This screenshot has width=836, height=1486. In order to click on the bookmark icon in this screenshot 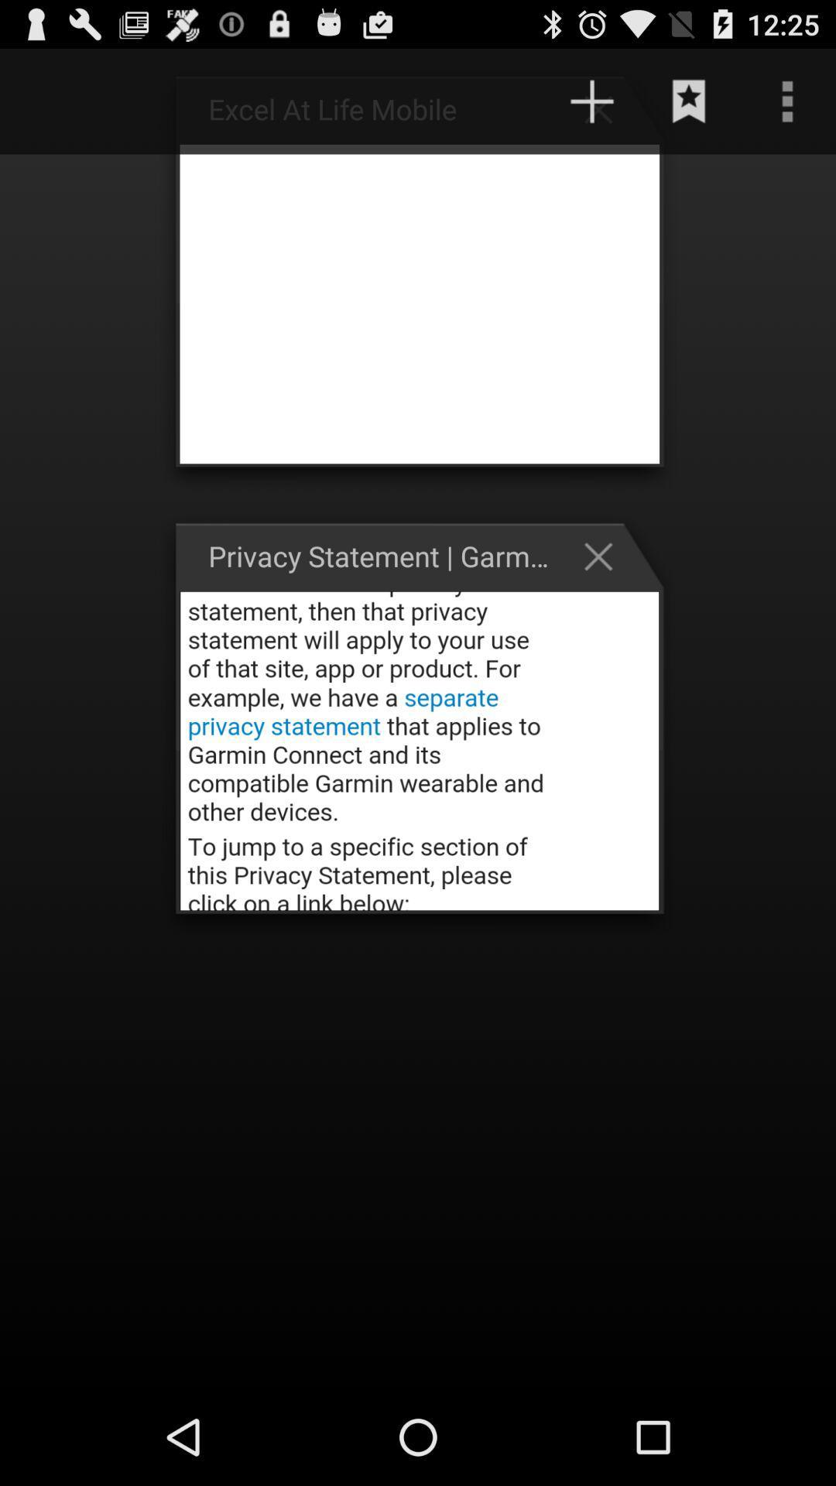, I will do `click(689, 108)`.